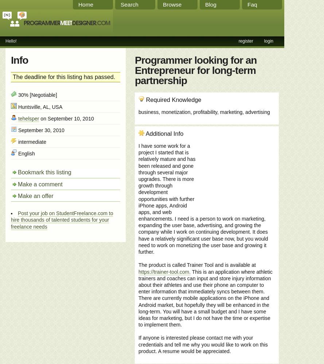 The width and height of the screenshot is (324, 364). I want to click on 'login', so click(264, 41).